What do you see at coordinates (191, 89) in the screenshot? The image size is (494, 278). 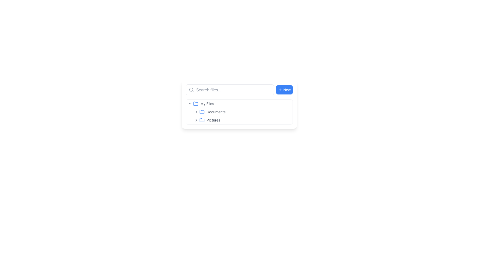 I see `properties of the circular search icon element located within the SVG, which symbolizes the search functionality in the user interface` at bounding box center [191, 89].